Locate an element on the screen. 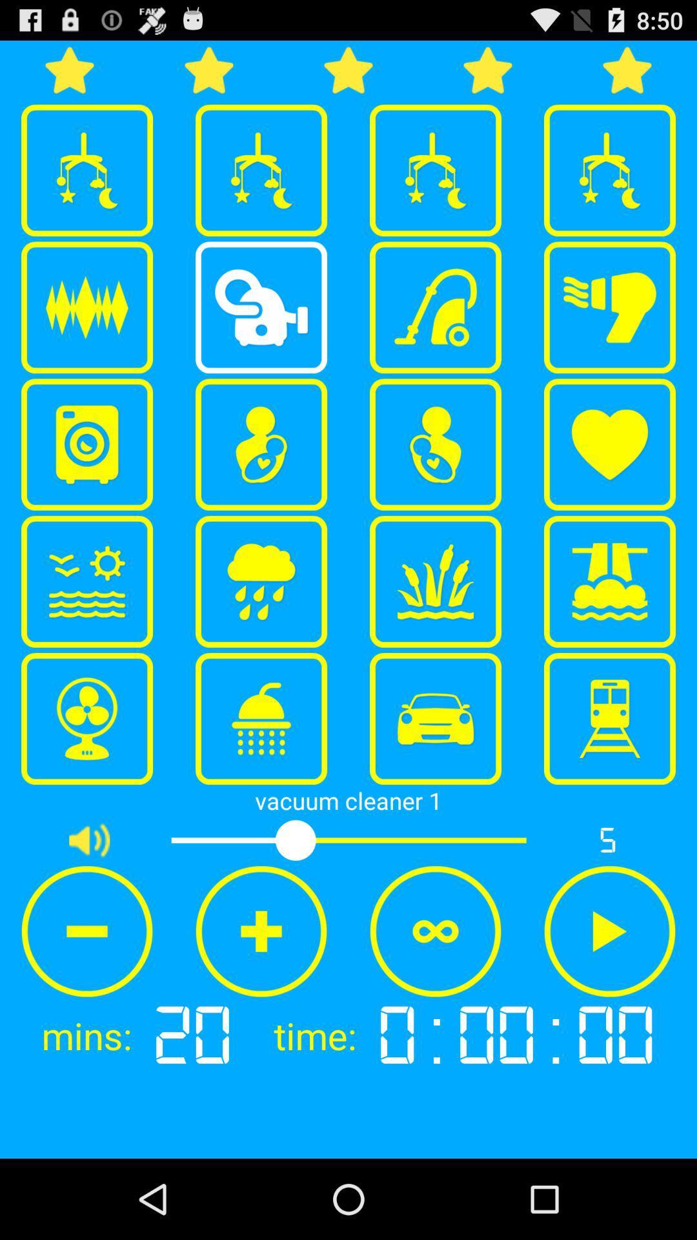 The height and width of the screenshot is (1240, 697). the item above vacuum cleaner 1 icon is located at coordinates (436, 718).